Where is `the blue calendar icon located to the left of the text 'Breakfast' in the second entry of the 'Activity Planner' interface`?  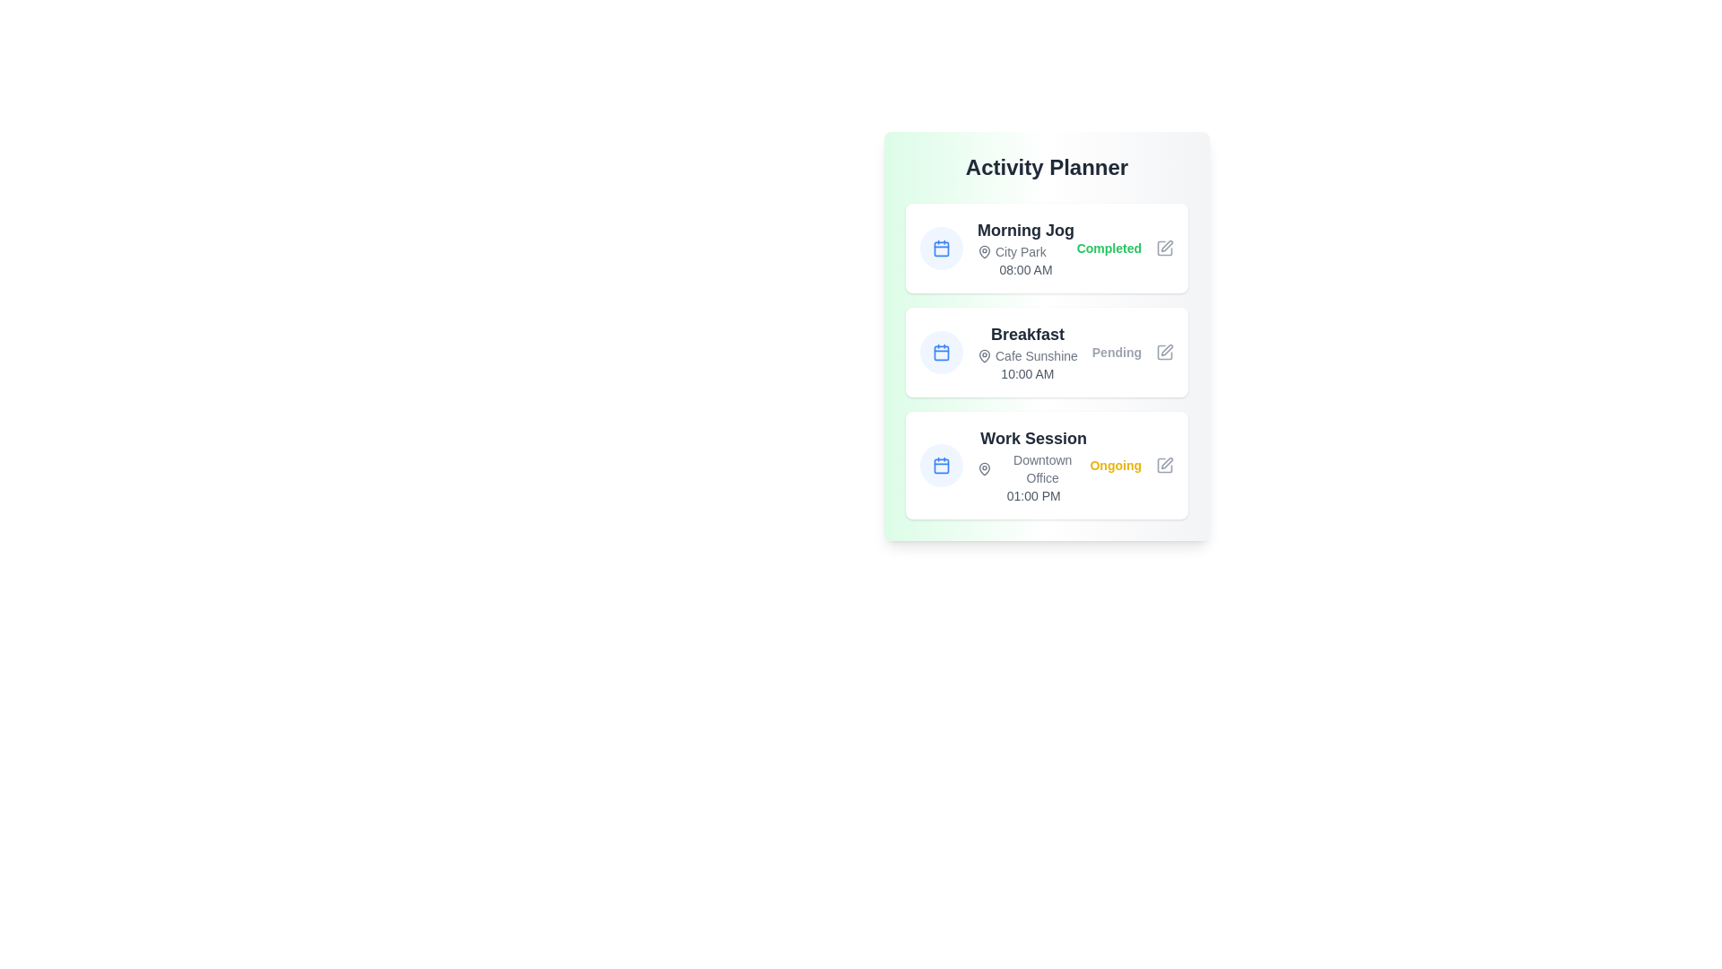
the blue calendar icon located to the left of the text 'Breakfast' in the second entry of the 'Activity Planner' interface is located at coordinates (941, 353).